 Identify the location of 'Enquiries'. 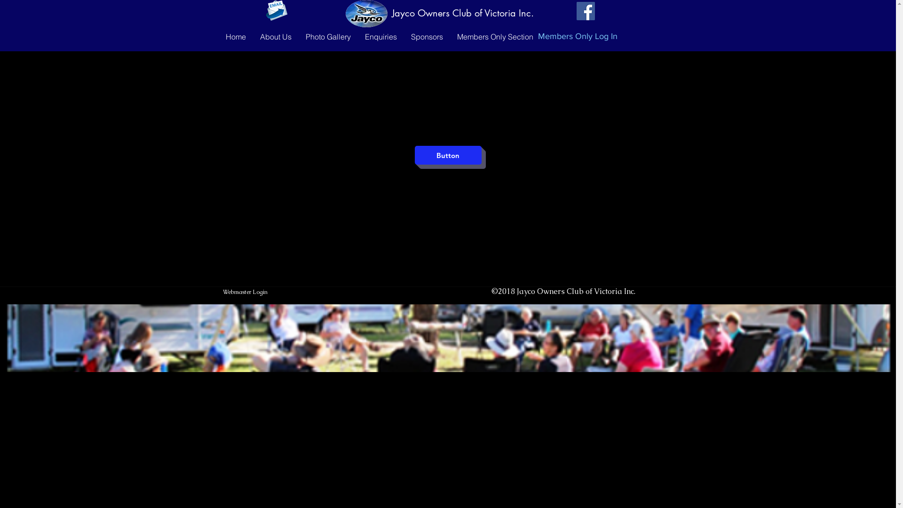
(380, 34).